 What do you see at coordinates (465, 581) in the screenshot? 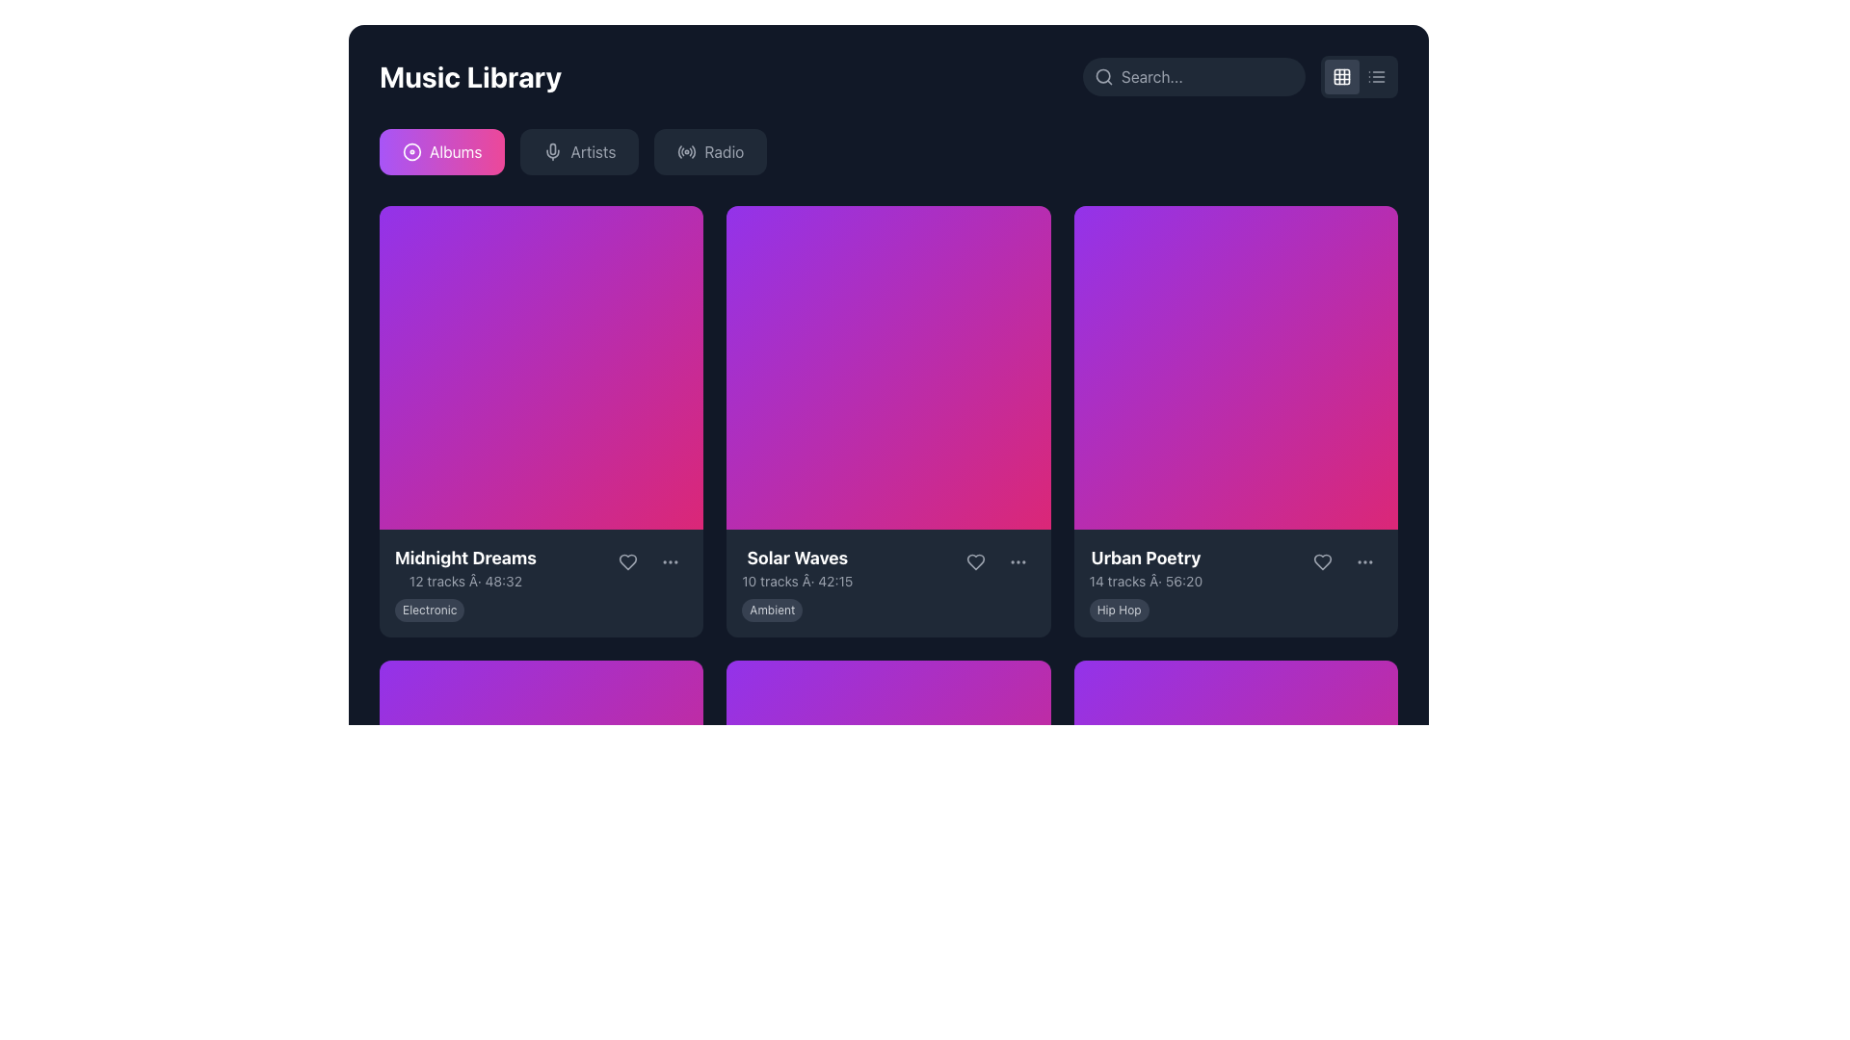
I see `the static text label displaying '12 tracks Â· 48:32' in gray font, located under the title 'Midnight Dreams' in the leftmost album card` at bounding box center [465, 581].